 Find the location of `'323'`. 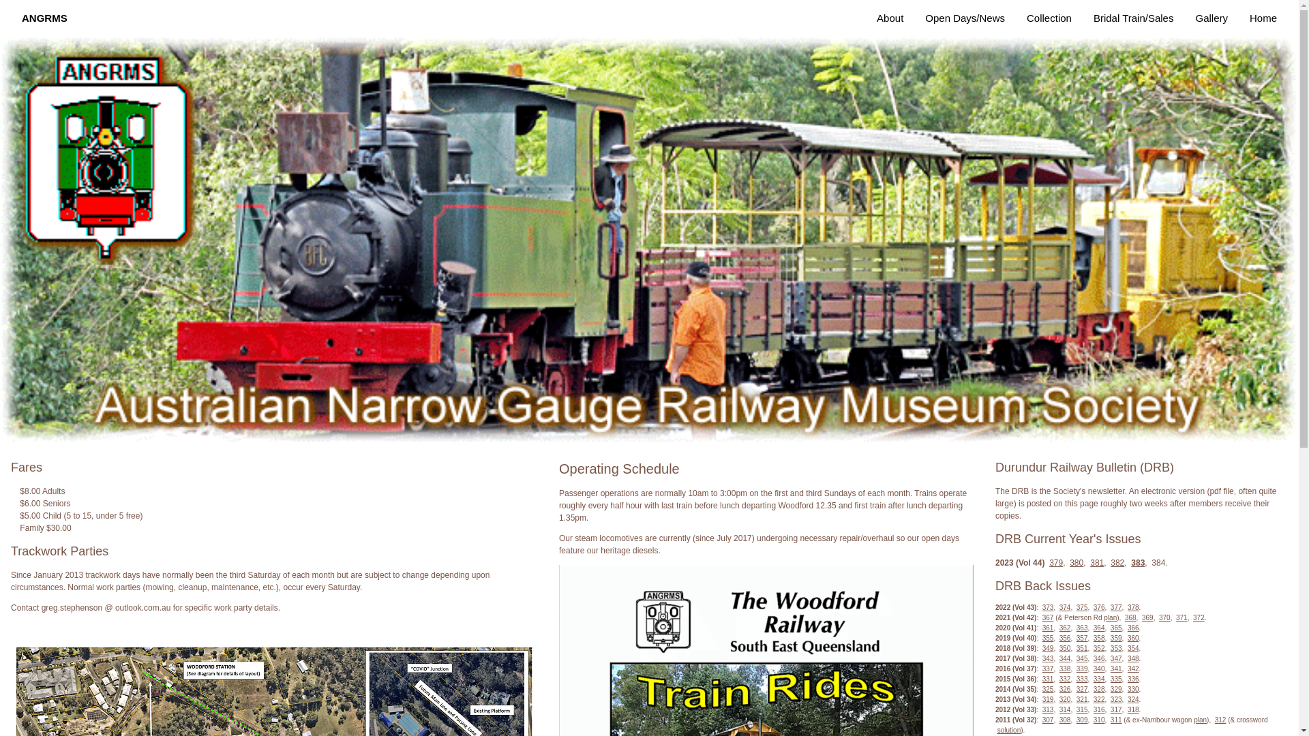

'323' is located at coordinates (1110, 699).